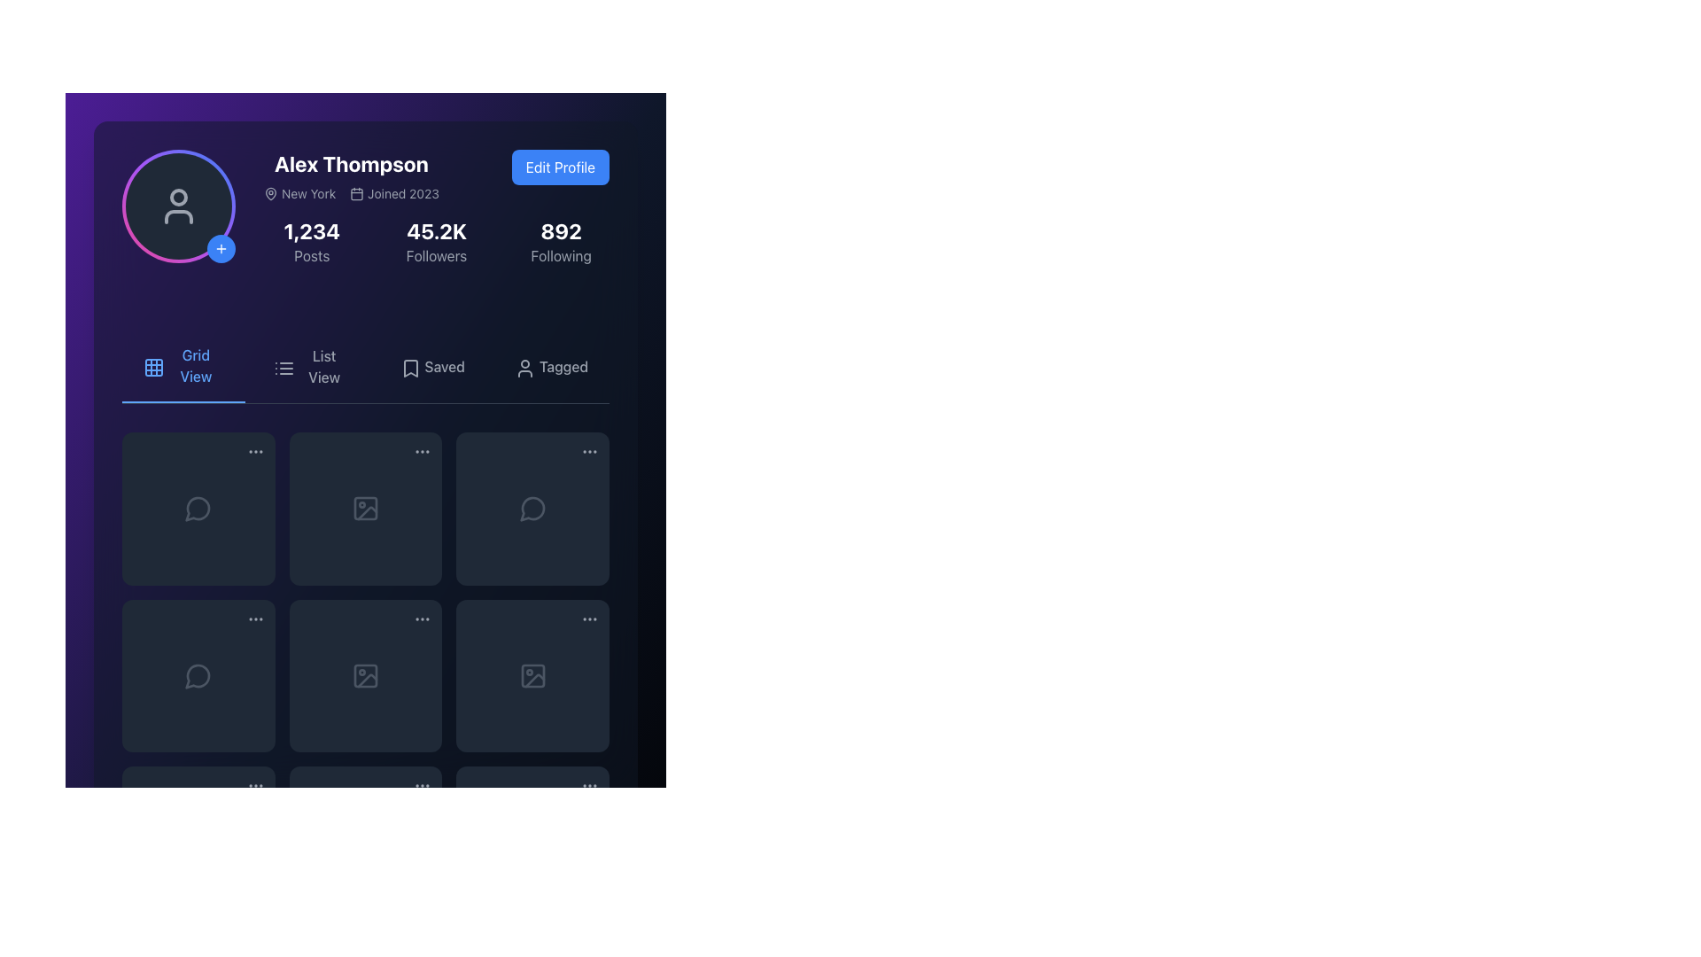  Describe the element at coordinates (590, 785) in the screenshot. I see `the circular button located in the bottom-right corner of the interface` at that location.